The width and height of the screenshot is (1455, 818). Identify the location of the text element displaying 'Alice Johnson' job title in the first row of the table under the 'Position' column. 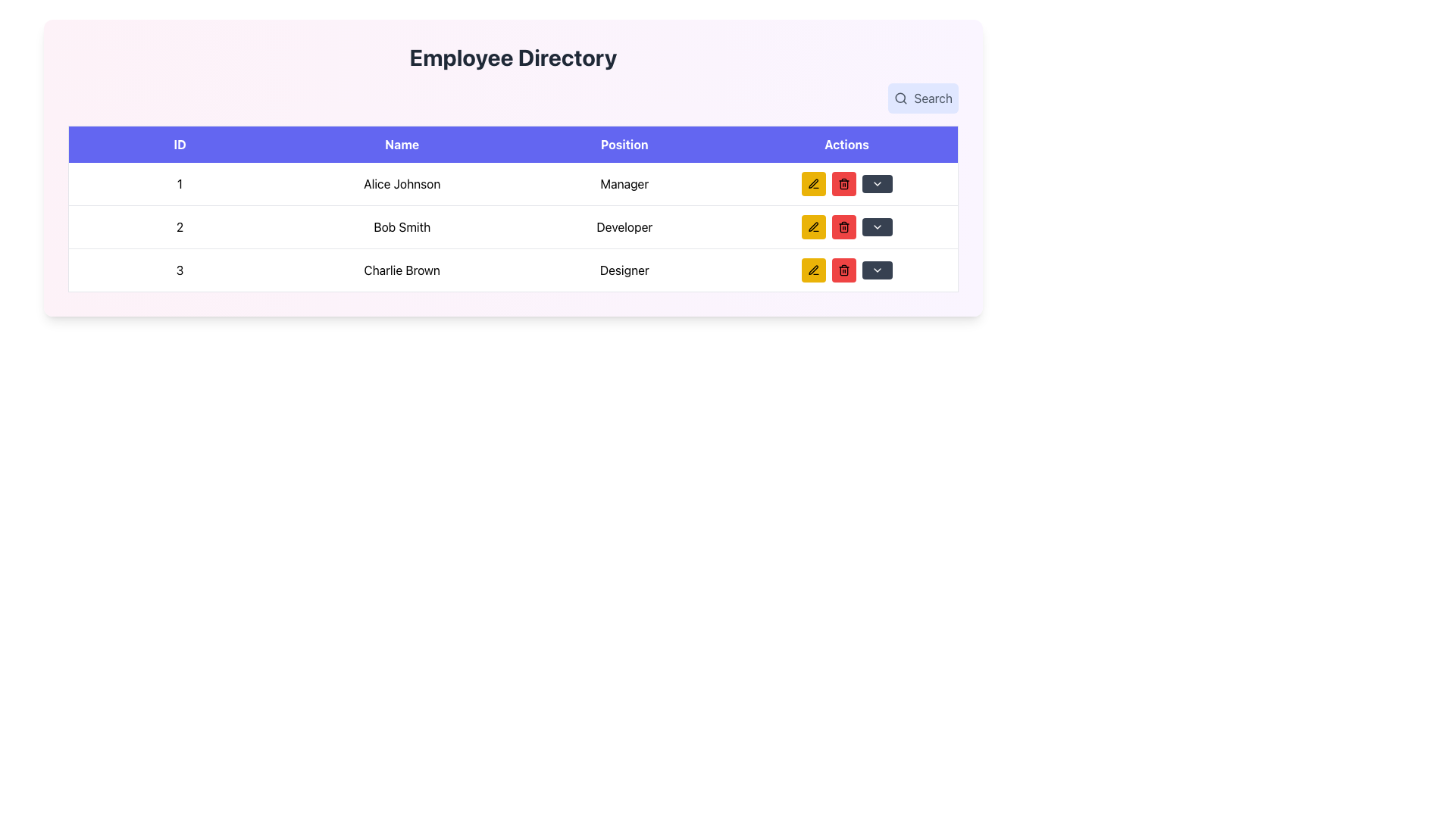
(624, 183).